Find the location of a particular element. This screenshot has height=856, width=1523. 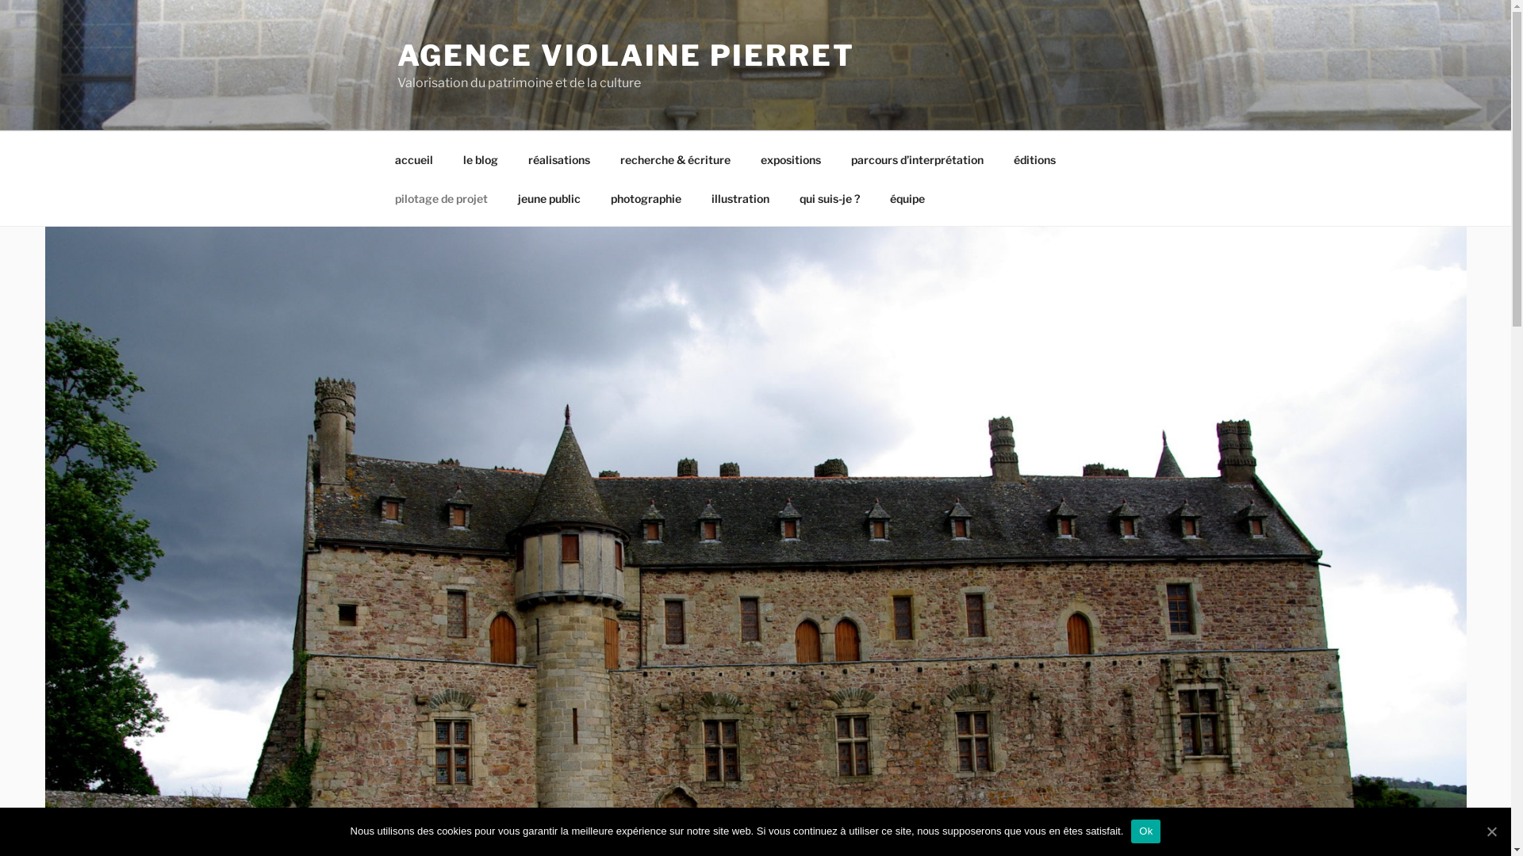

'AGENCE VIOLAINE PIERRET' is located at coordinates (624, 54).